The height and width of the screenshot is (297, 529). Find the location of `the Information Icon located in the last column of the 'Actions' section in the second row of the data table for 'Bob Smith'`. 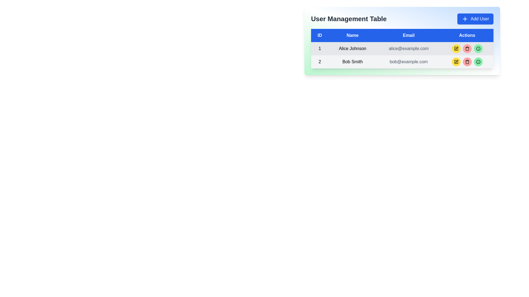

the Information Icon located in the last column of the 'Actions' section in the second row of the data table for 'Bob Smith' is located at coordinates (478, 48).